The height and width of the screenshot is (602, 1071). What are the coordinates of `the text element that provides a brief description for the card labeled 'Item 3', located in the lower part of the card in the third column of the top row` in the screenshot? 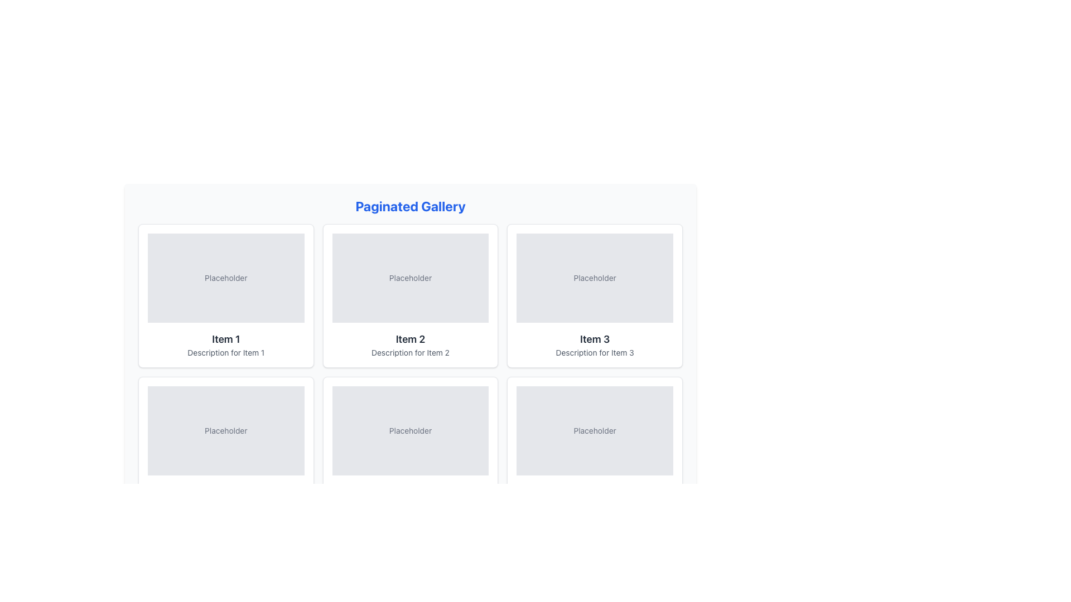 It's located at (594, 352).